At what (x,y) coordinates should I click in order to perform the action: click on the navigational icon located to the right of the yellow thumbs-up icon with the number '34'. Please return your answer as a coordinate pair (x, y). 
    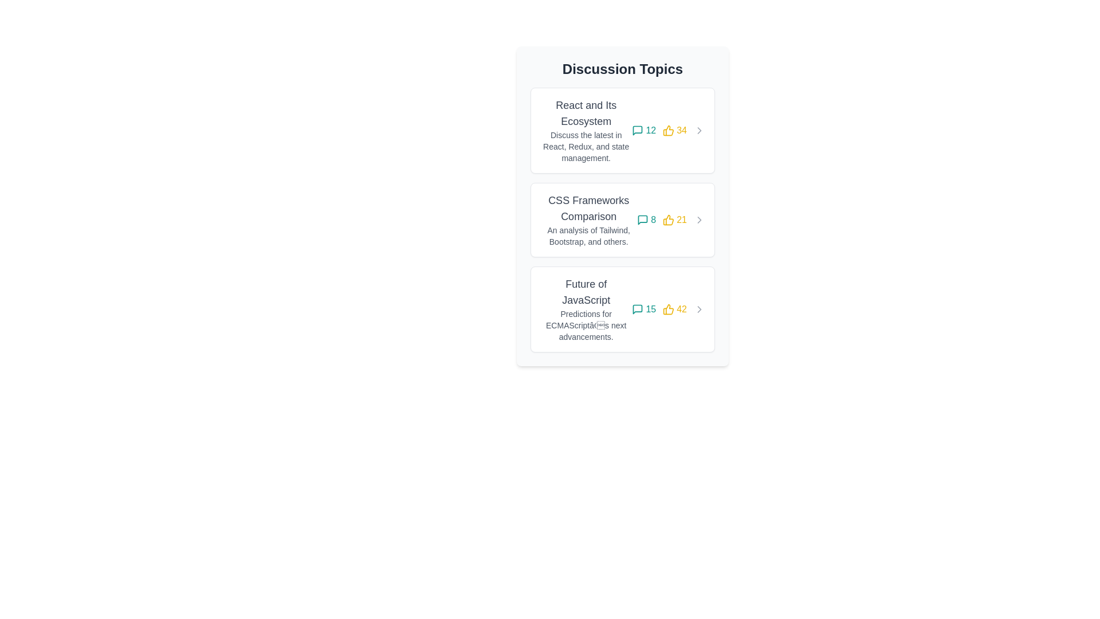
    Looking at the image, I should click on (698, 130).